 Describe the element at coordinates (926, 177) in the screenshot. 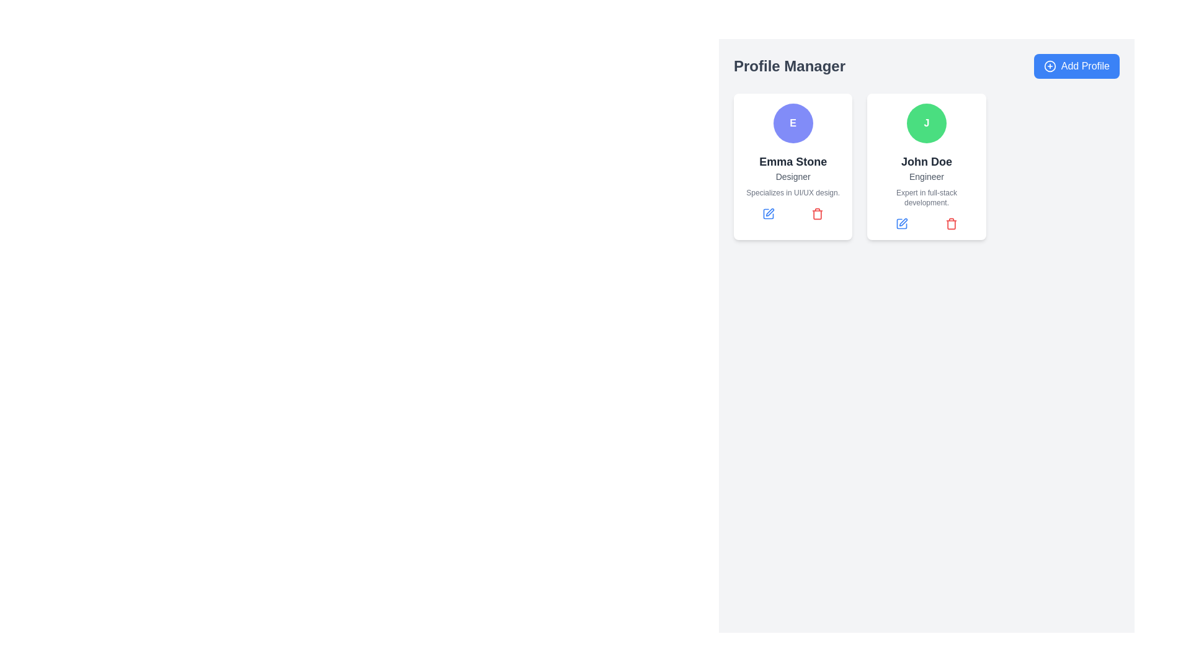

I see `text content of the label displaying 'Engineer', which is styled in gray and positioned below 'John Doe' in the user profile card` at that location.